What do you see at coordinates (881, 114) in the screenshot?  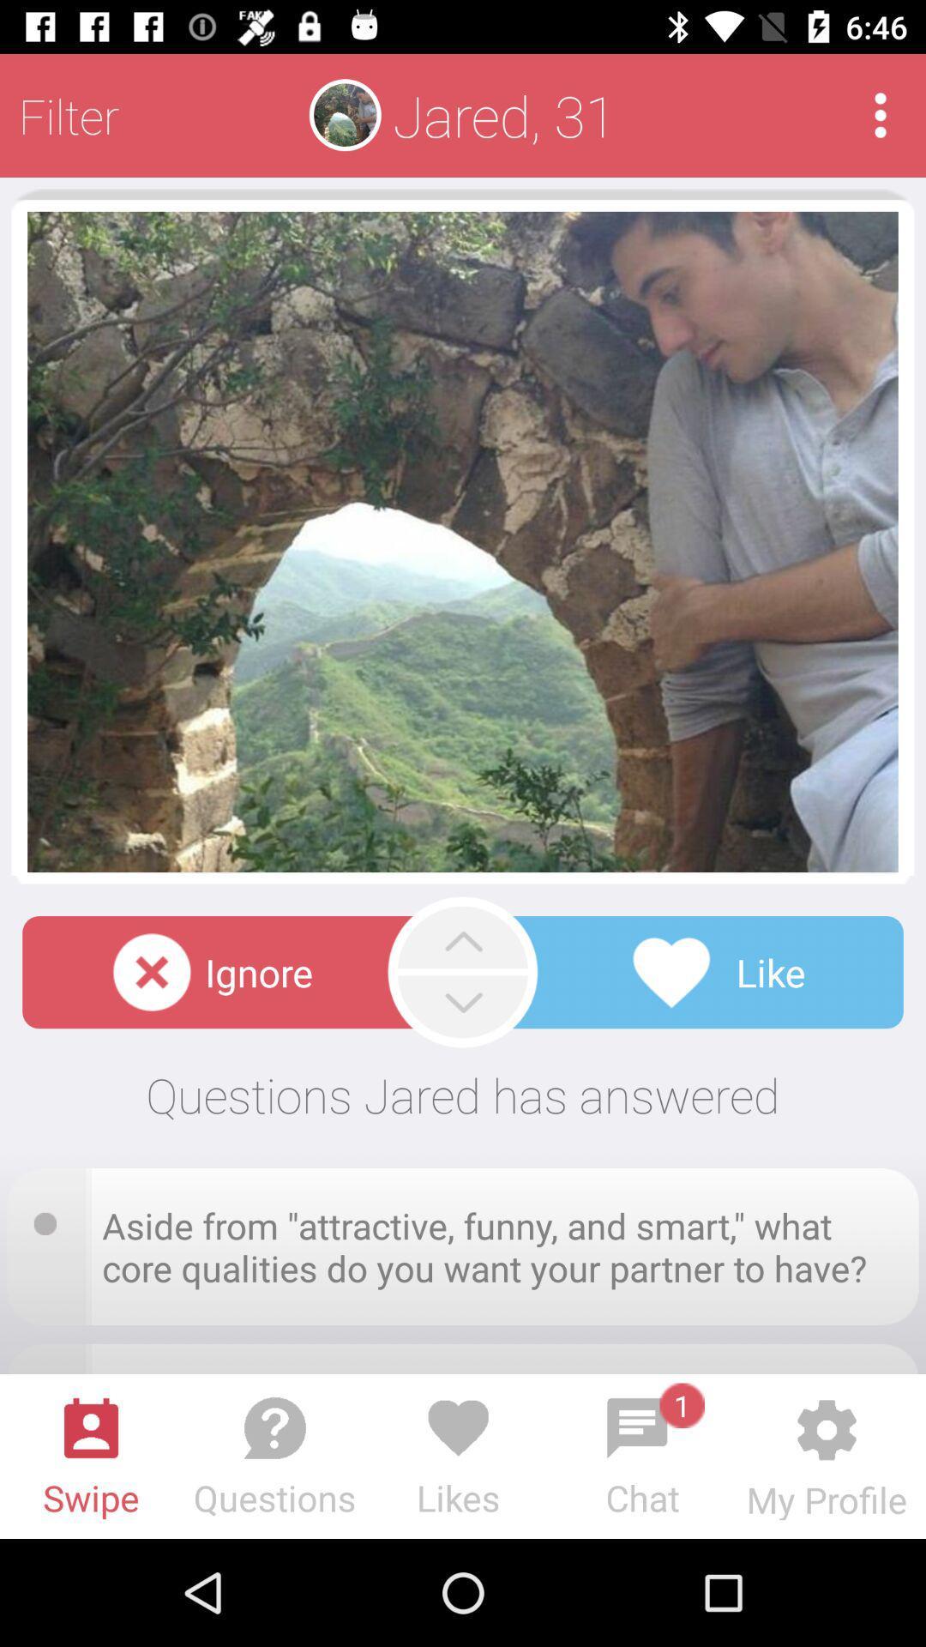 I see `icon next to the jared, 31` at bounding box center [881, 114].